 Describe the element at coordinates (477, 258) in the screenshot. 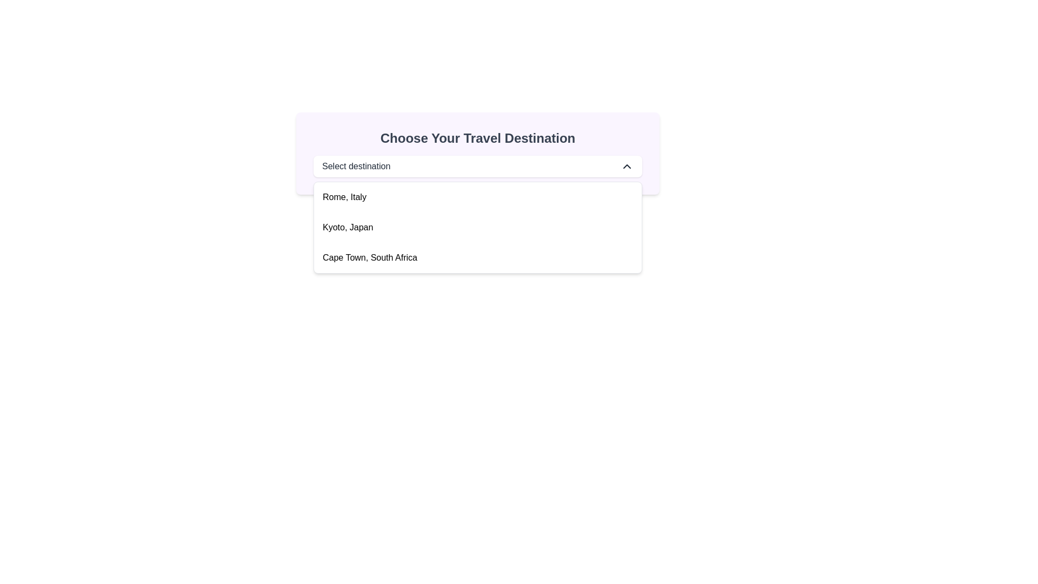

I see `the dropdown menu option that displays 'Cape Town, South Africa'` at that location.